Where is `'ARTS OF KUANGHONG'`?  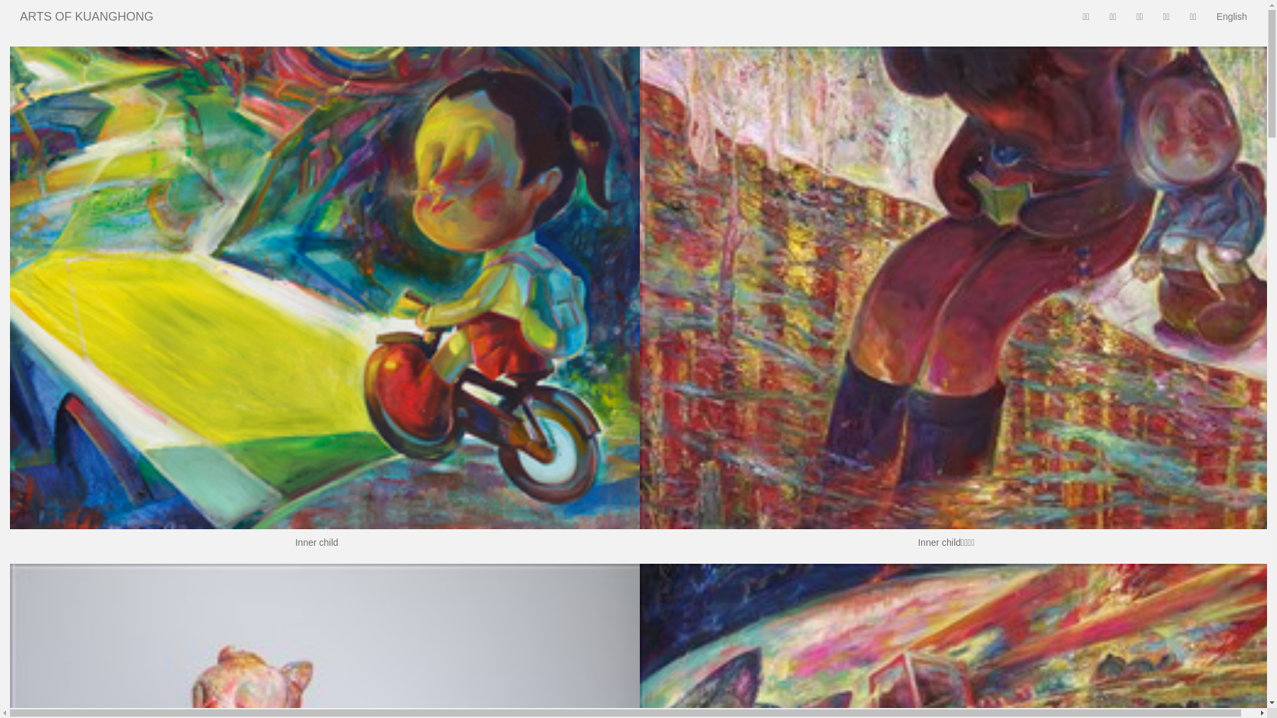
'ARTS OF KUANGHONG' is located at coordinates (86, 16).